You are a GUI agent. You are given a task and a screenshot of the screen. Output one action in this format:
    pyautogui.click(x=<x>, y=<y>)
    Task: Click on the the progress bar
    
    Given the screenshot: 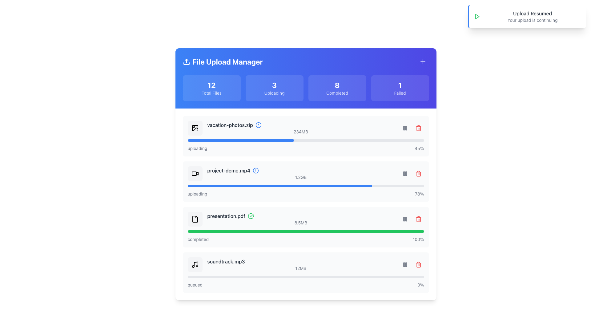 What is the action you would take?
    pyautogui.click(x=271, y=140)
    